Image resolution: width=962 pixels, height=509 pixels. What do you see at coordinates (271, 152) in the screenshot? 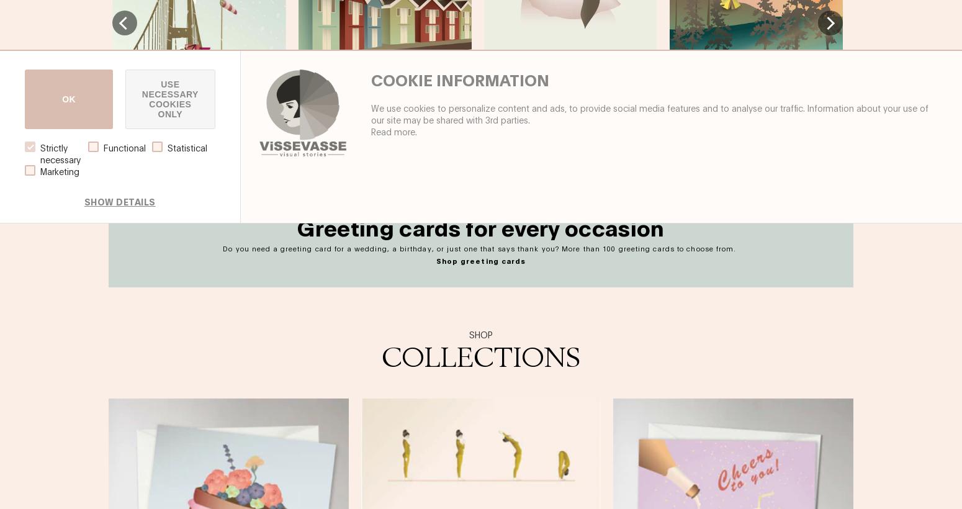
I see `'€29.00'` at bounding box center [271, 152].